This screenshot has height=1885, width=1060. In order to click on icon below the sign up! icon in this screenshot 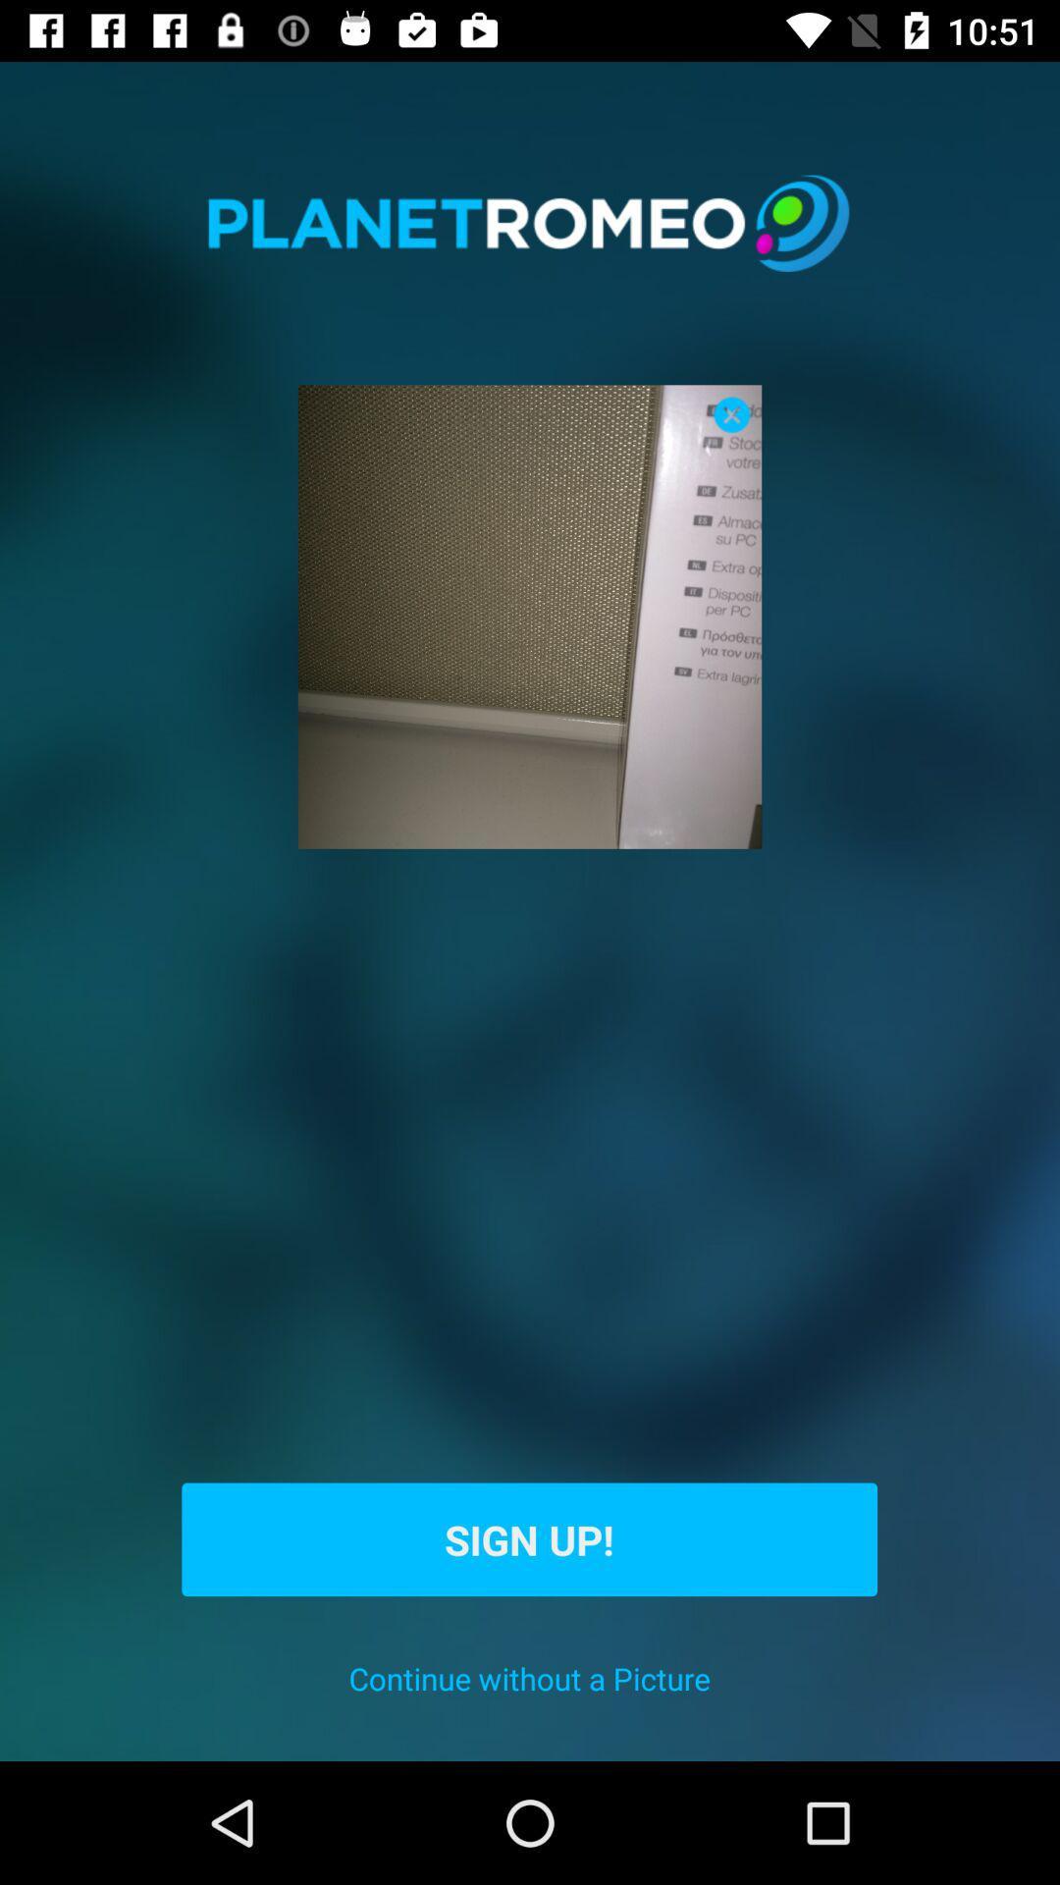, I will do `click(528, 1677)`.